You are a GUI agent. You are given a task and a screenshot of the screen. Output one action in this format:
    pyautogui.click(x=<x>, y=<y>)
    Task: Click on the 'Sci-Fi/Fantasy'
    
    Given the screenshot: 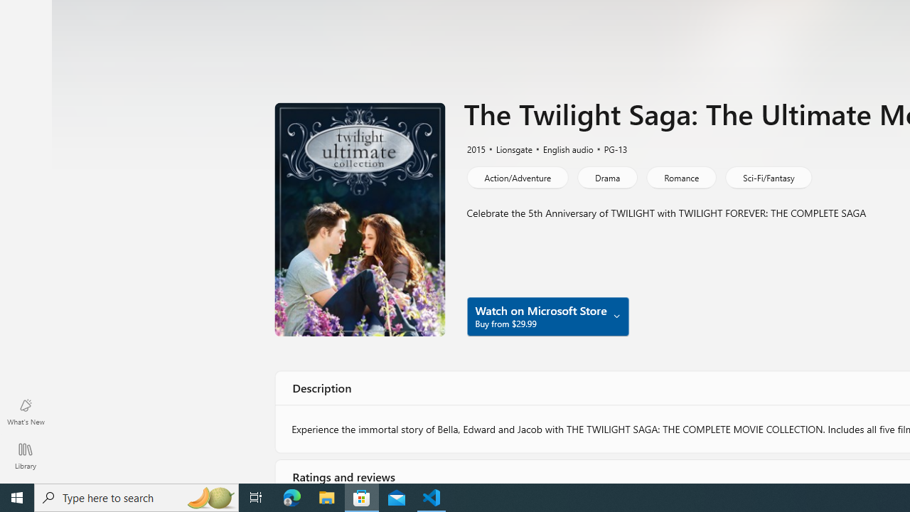 What is the action you would take?
    pyautogui.click(x=767, y=176)
    